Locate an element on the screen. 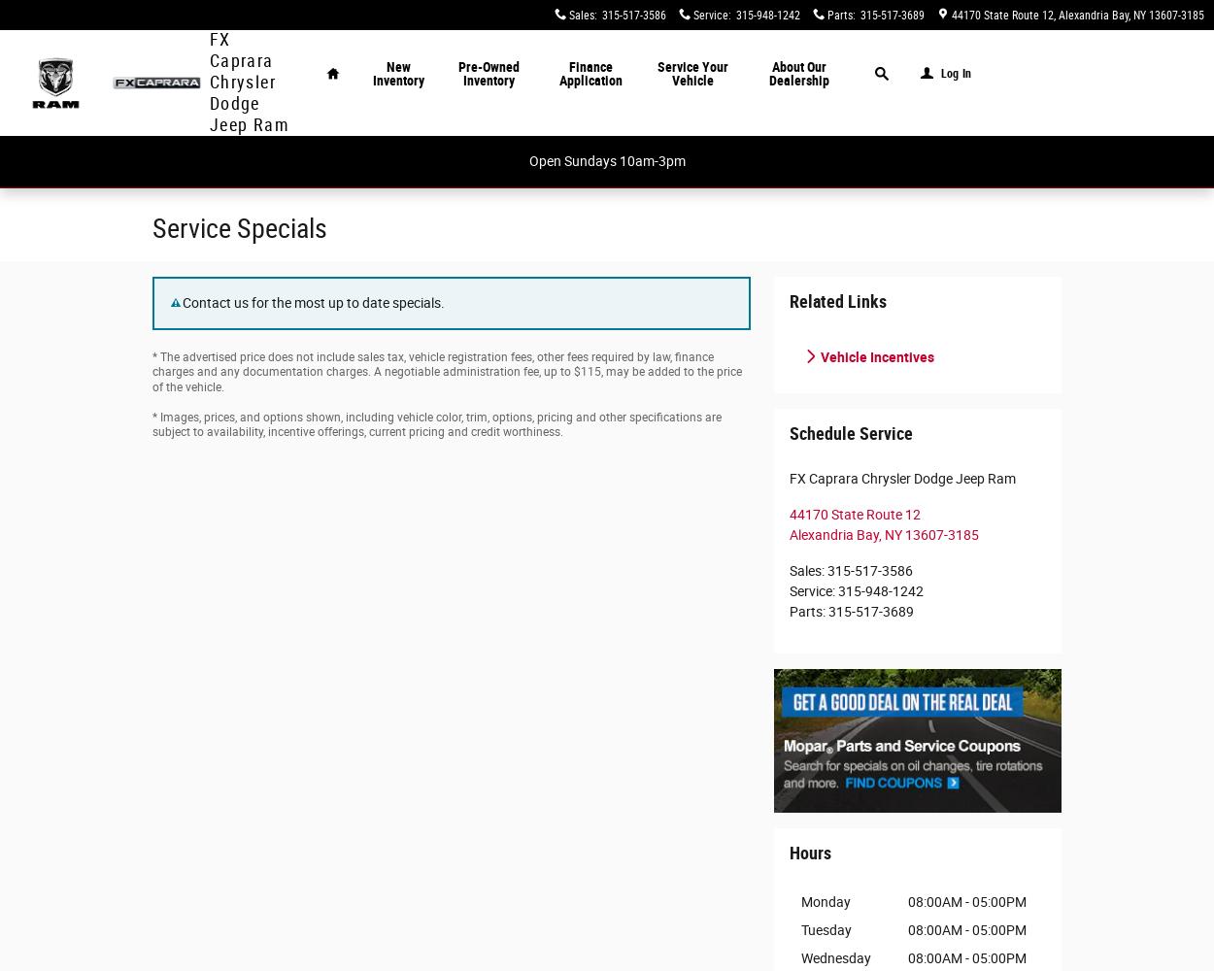 This screenshot has width=1214, height=971. 'About Our Dealership' is located at coordinates (797, 73).